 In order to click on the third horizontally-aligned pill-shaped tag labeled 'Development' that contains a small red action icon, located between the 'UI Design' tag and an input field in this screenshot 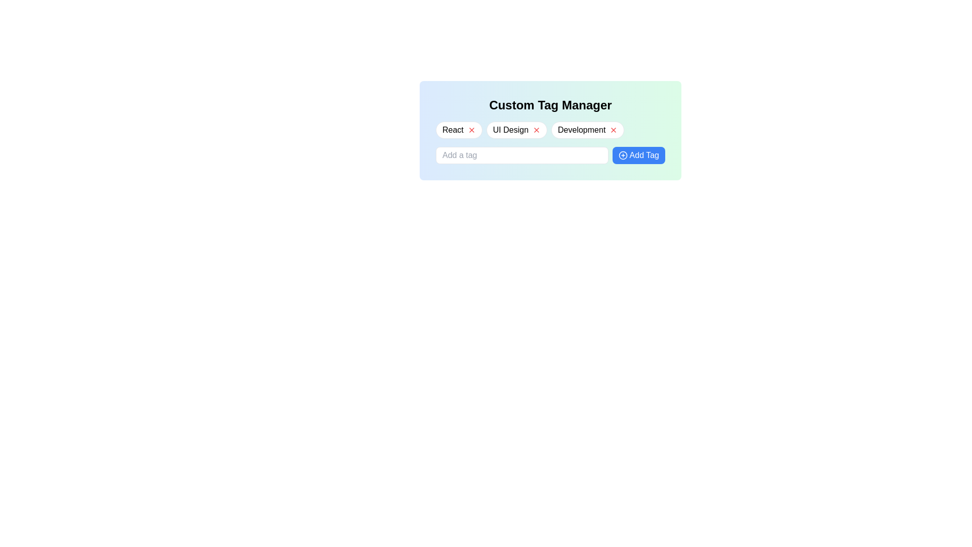, I will do `click(588, 130)`.